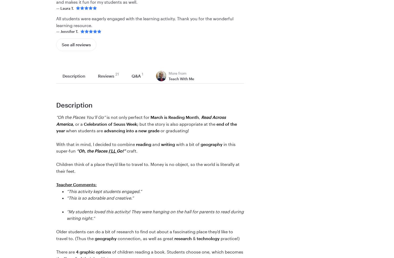  What do you see at coordinates (79, 123) in the screenshot?
I see `'or a'` at bounding box center [79, 123].